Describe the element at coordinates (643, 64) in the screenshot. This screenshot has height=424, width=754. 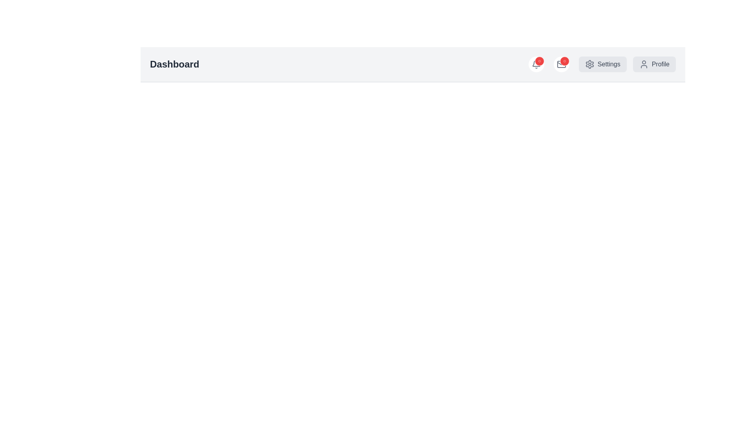
I see `the 'Profile' button by clicking on the decorative icon associated with it, located at the top-right corner of the interface` at that location.